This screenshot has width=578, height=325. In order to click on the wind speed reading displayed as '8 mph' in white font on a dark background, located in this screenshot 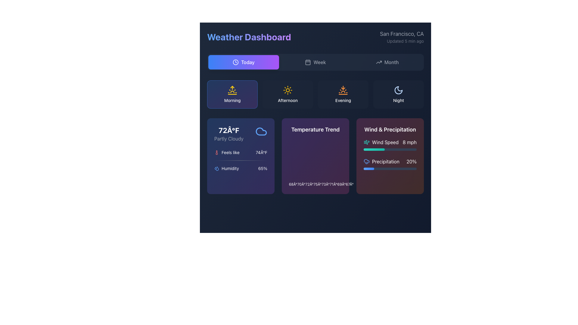, I will do `click(409, 142)`.